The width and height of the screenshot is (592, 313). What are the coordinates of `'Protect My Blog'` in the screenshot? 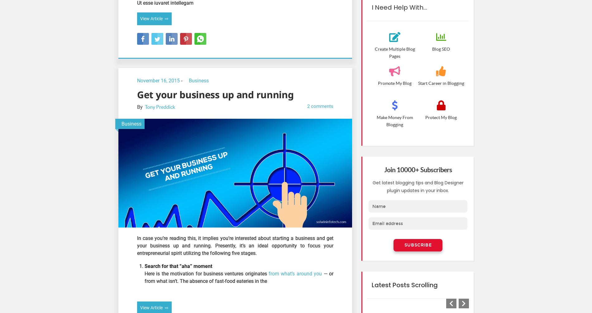 It's located at (441, 117).